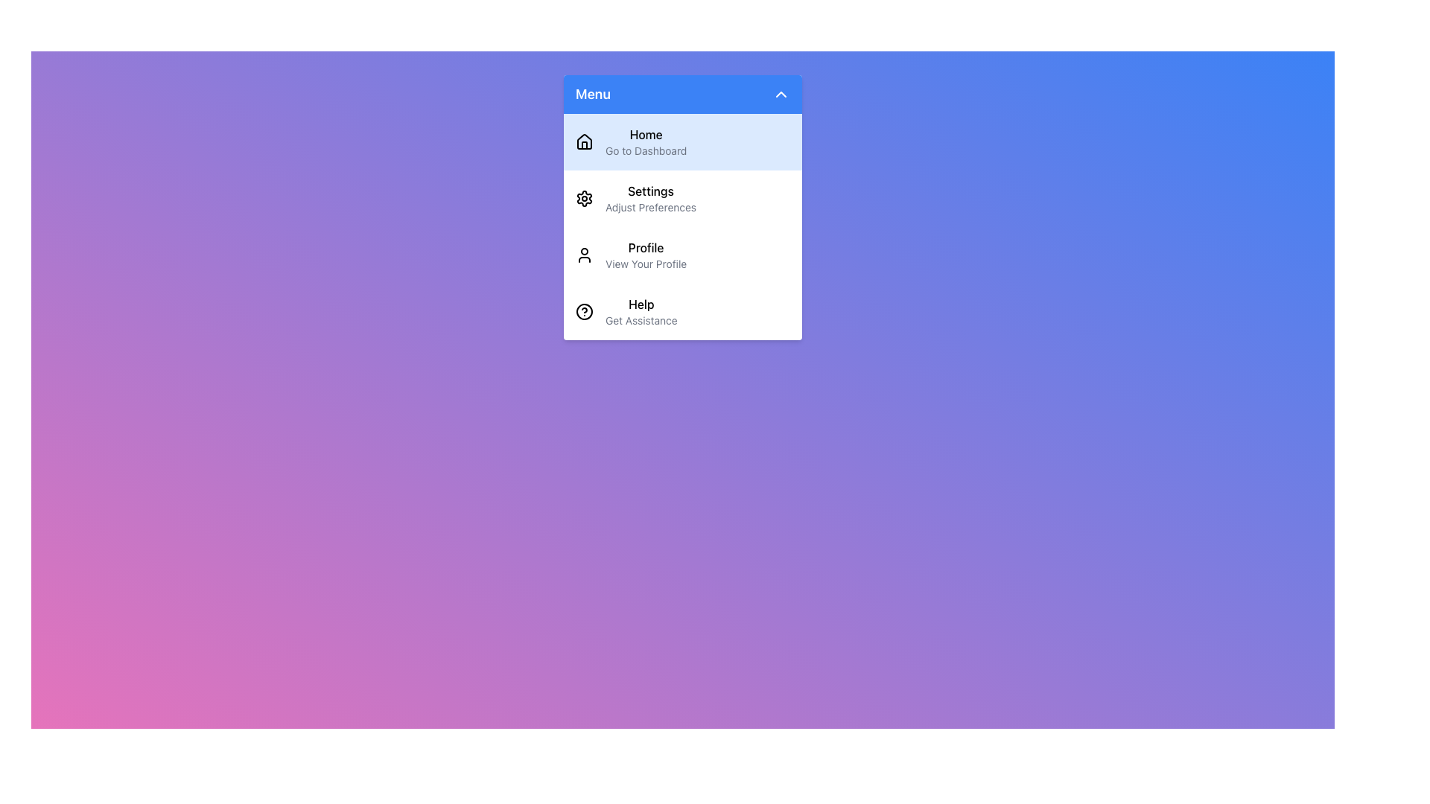 The height and width of the screenshot is (804, 1430). I want to click on the 'Menu' button located at the top of the drop-down menu, so click(681, 95).